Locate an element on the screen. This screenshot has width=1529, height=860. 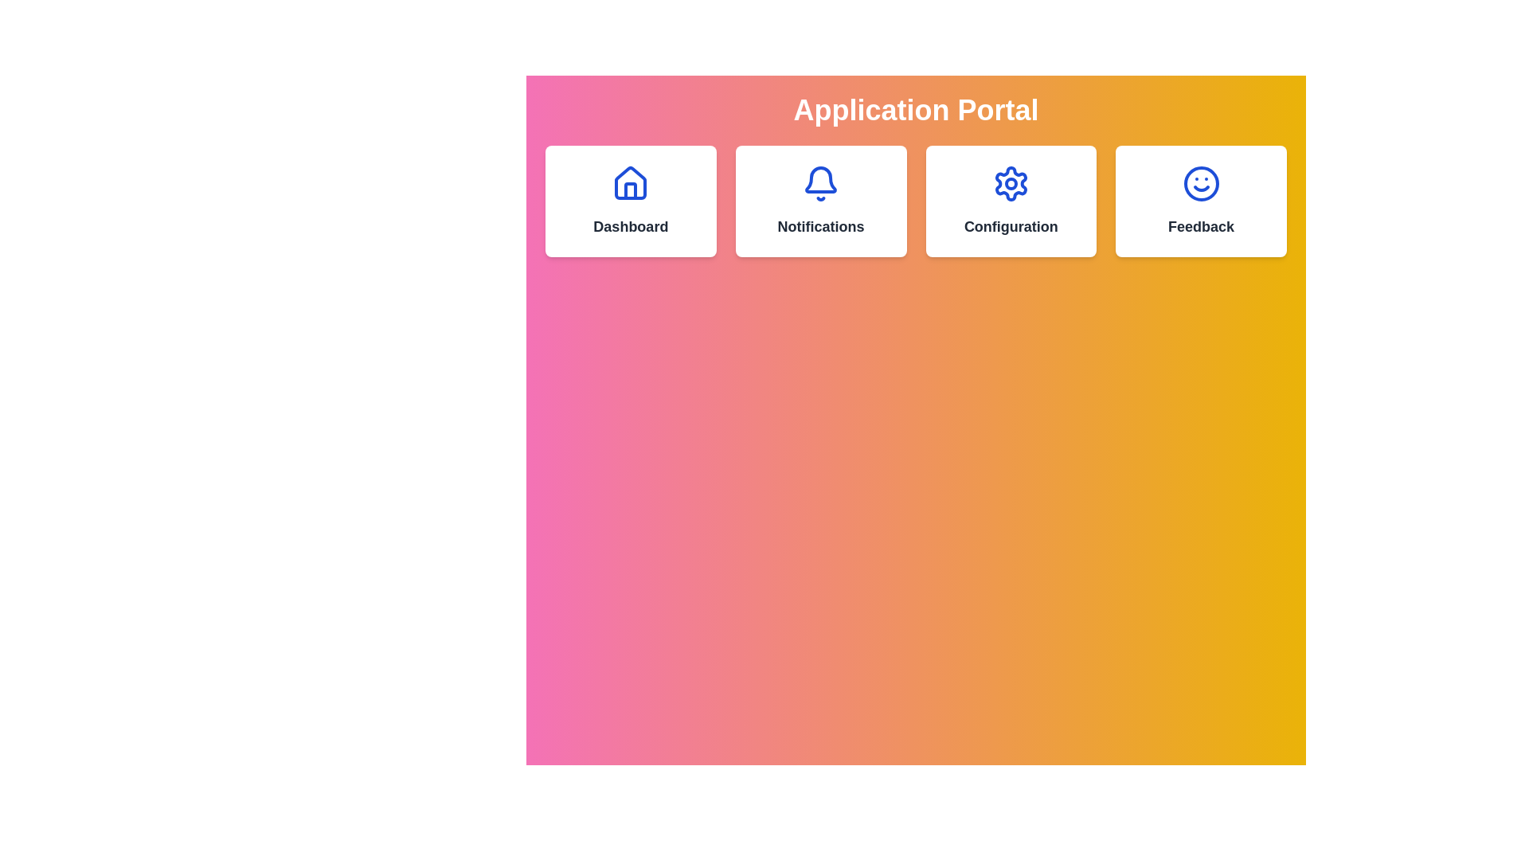
the bright blue cogwheel-shaped icon representing settings, located at the top center of the 'Configuration' card is located at coordinates (1010, 183).